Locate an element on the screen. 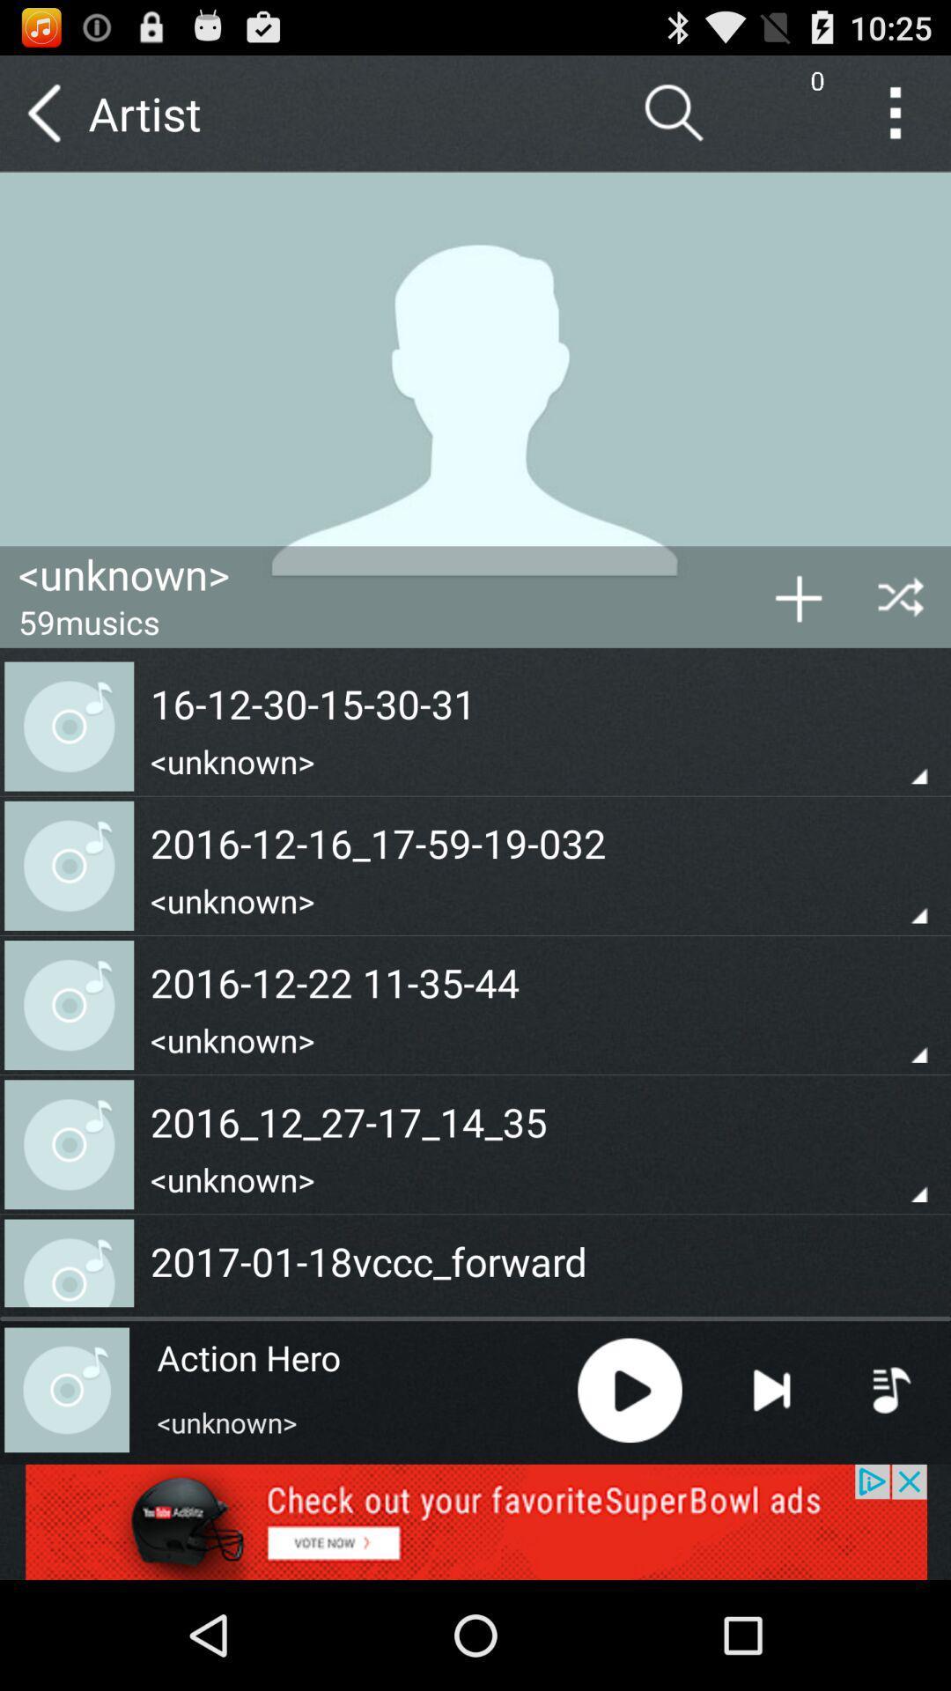  the add icon is located at coordinates (798, 638).